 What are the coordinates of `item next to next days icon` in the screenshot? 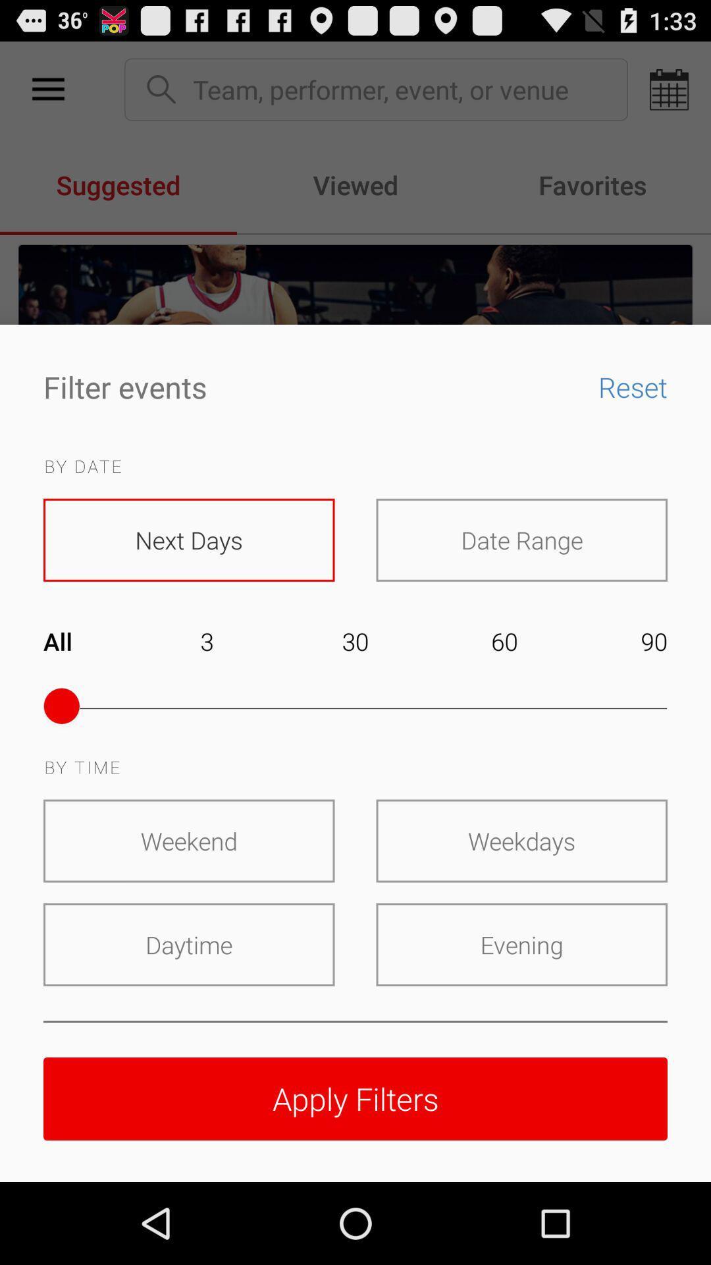 It's located at (521, 540).